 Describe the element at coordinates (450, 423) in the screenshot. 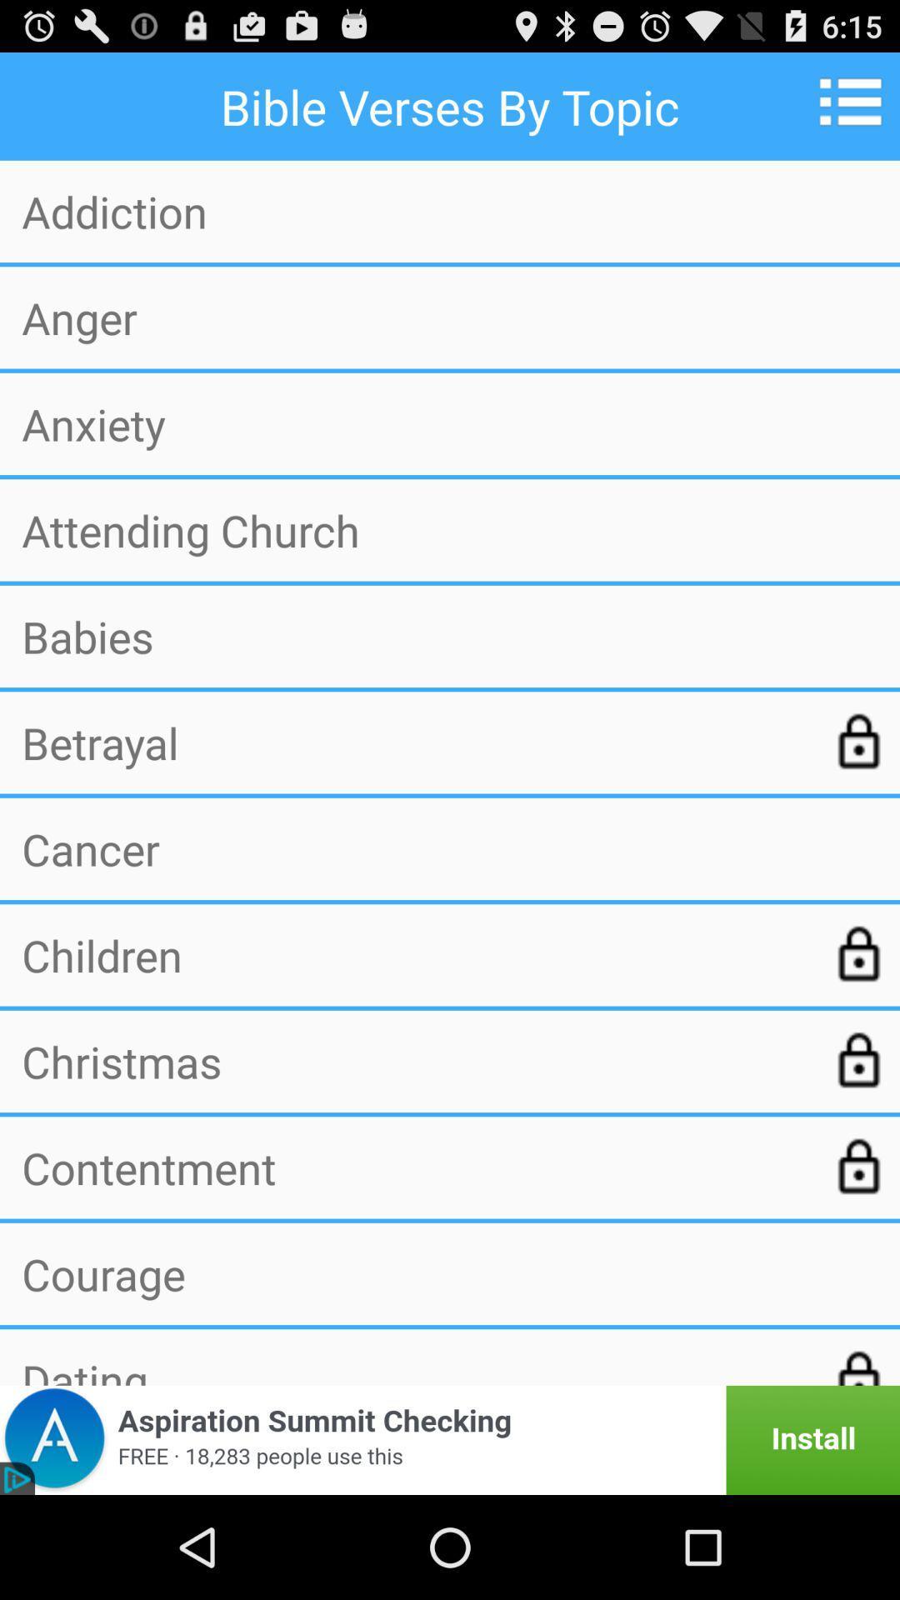

I see `the anxiety app` at that location.